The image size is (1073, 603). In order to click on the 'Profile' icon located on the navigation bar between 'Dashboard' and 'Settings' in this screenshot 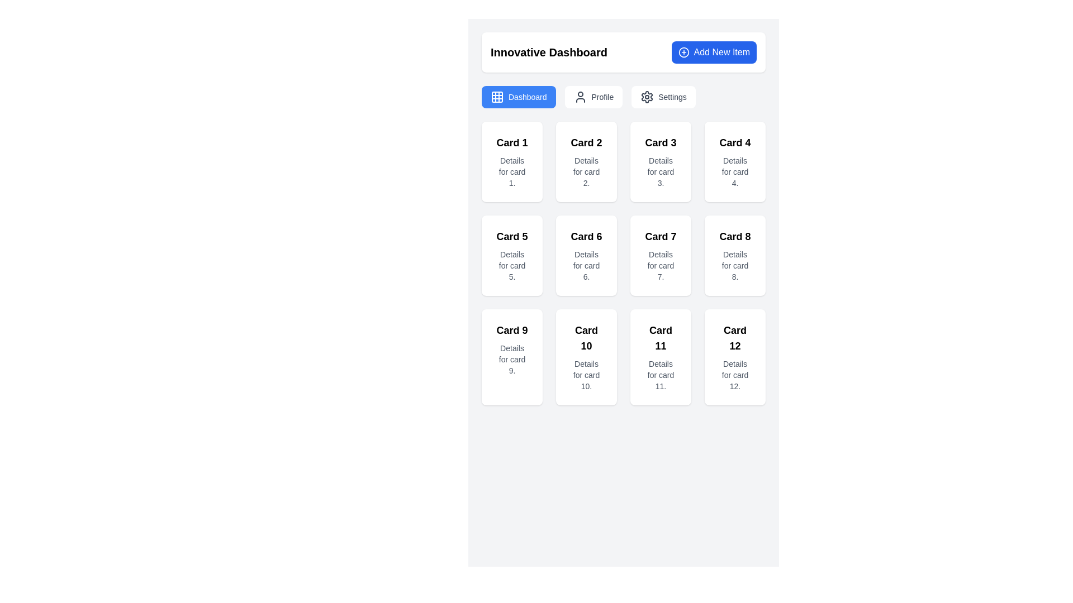, I will do `click(580, 96)`.